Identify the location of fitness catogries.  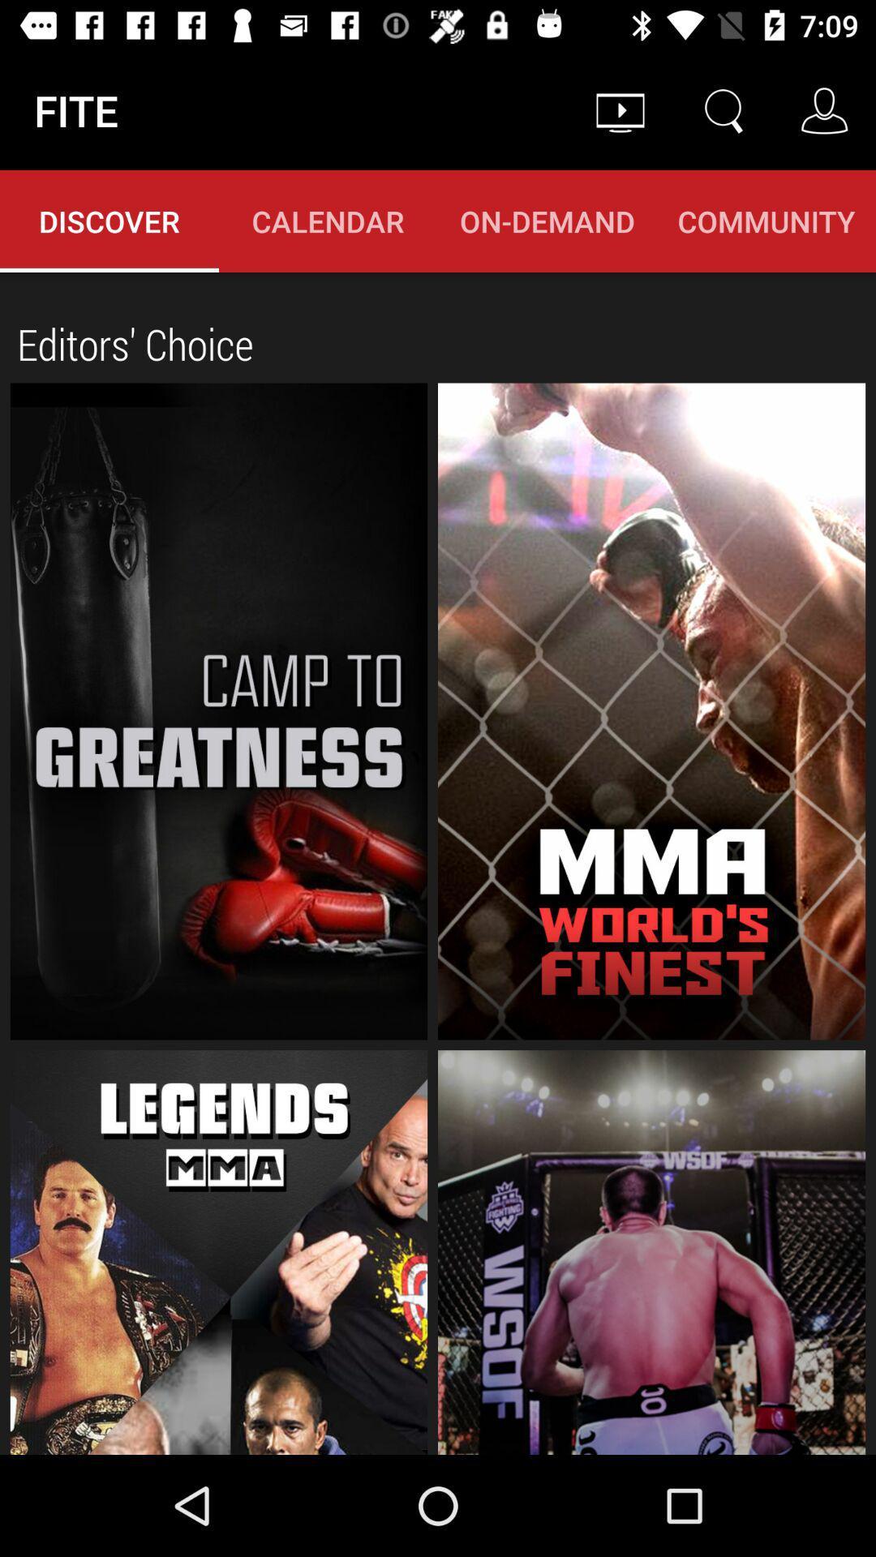
(219, 711).